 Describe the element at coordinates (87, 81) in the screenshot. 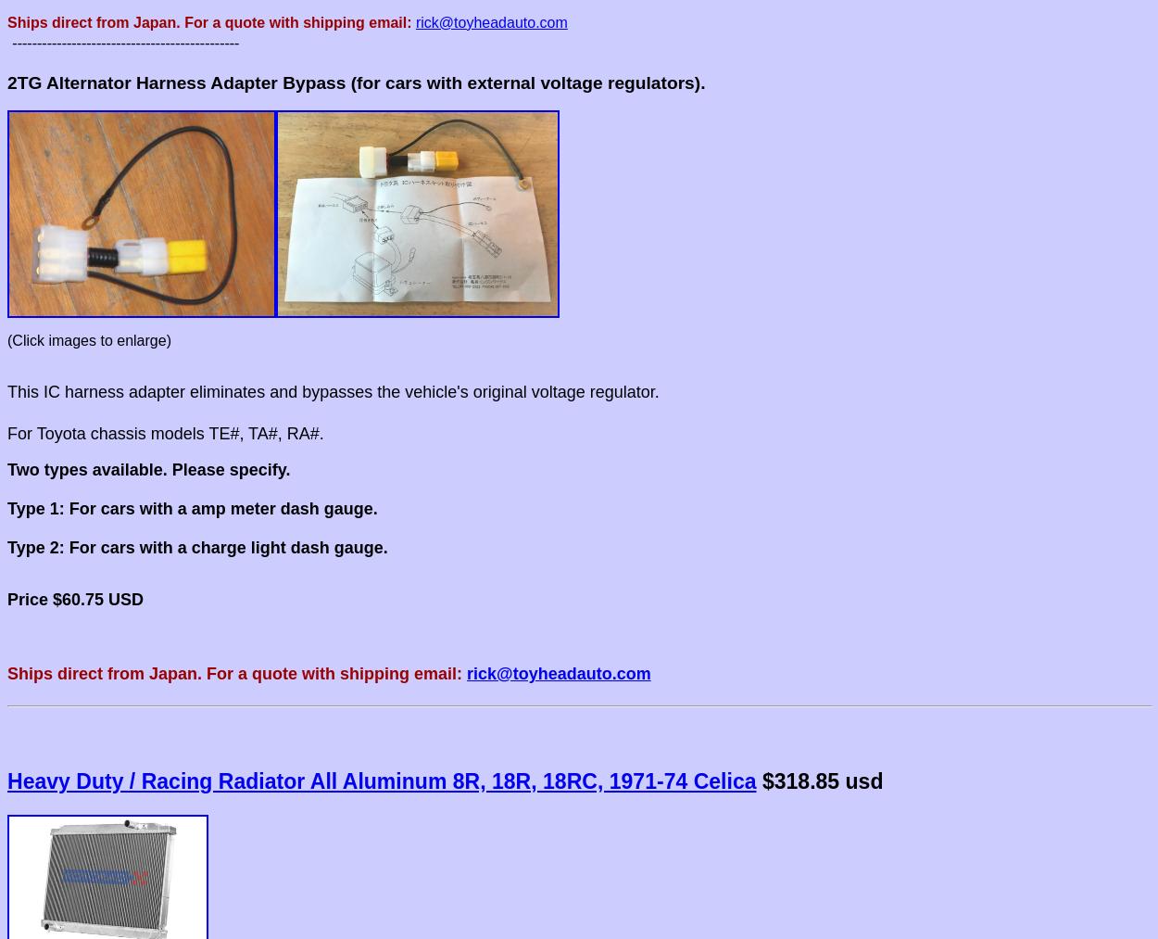

I see `'Alternator'` at that location.